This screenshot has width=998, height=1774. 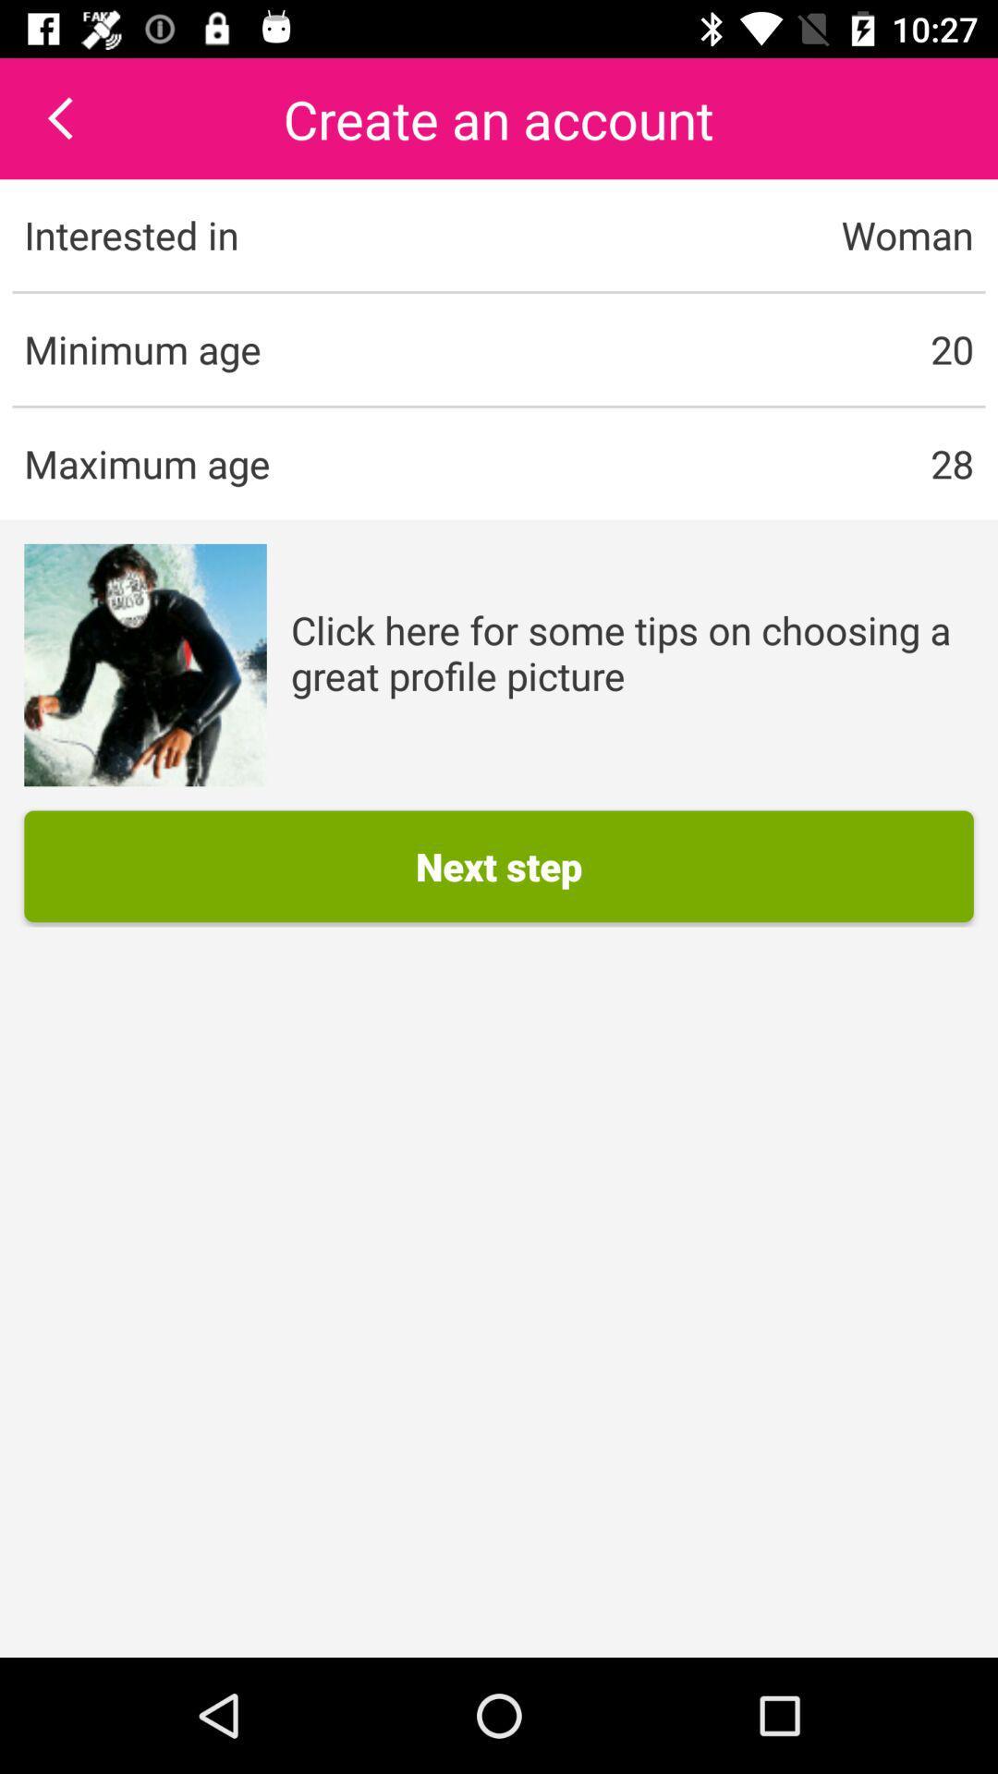 I want to click on icon to the left of click here for item, so click(x=144, y=665).